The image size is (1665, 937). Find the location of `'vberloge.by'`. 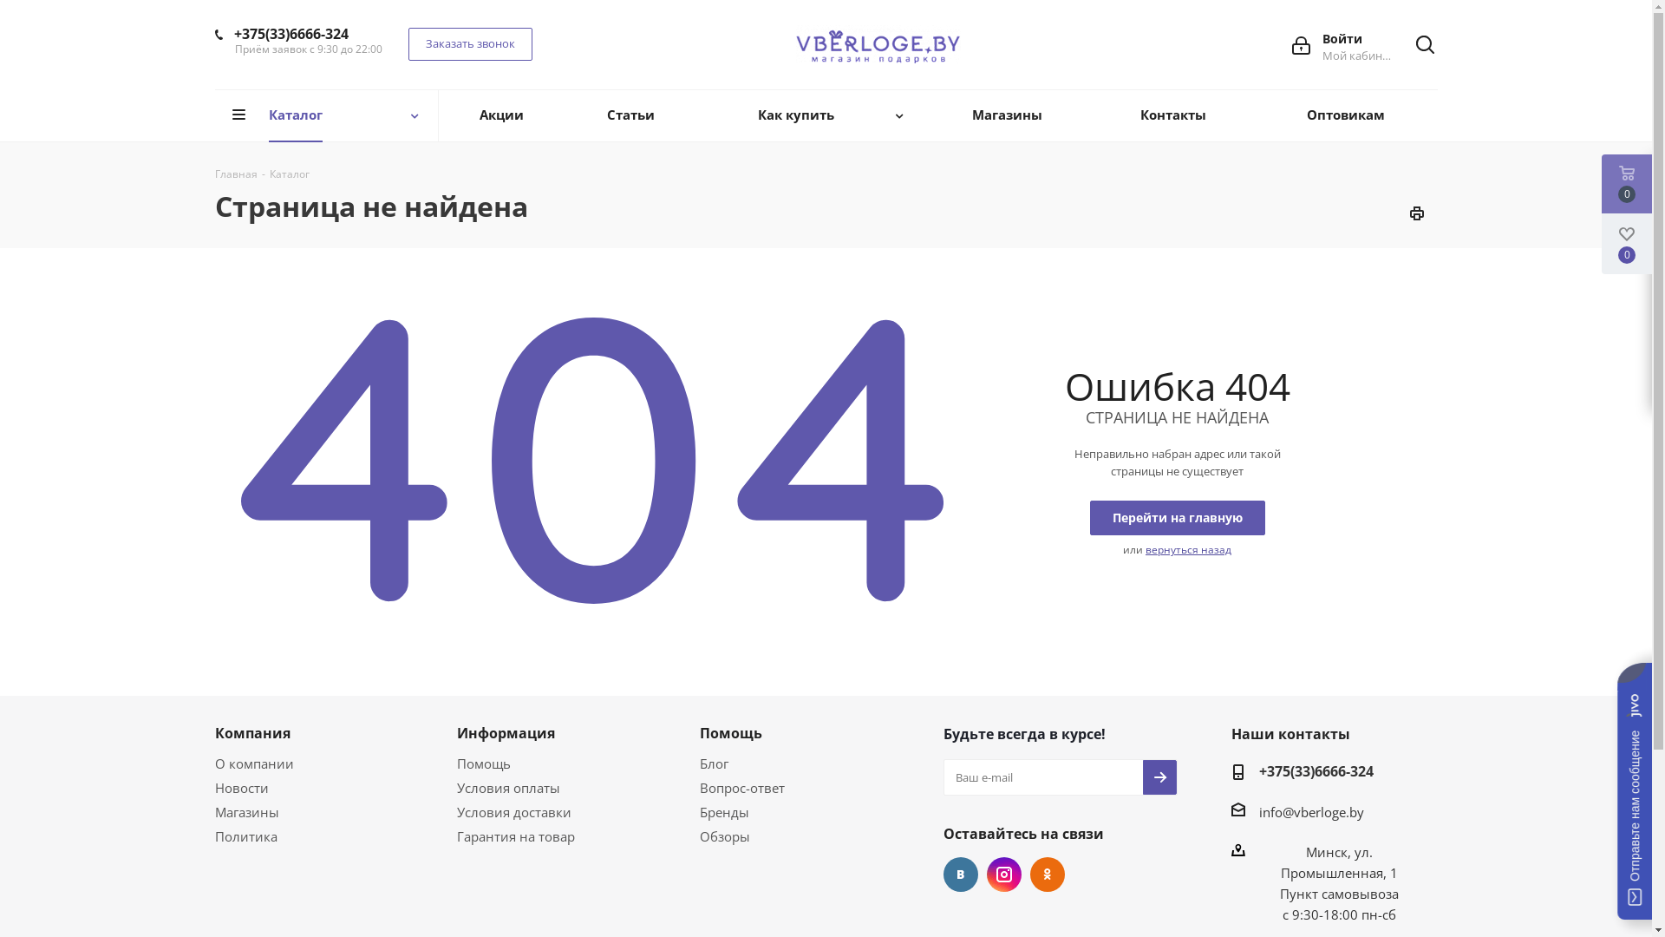

'vberloge.by' is located at coordinates (794, 43).